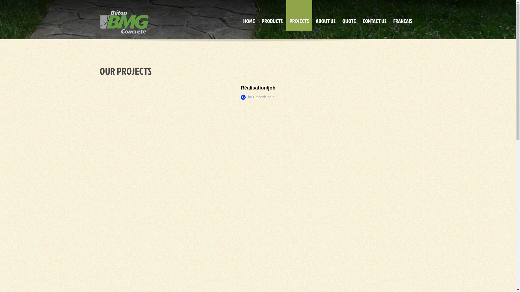 Image resolution: width=520 pixels, height=292 pixels. What do you see at coordinates (349, 15) in the screenshot?
I see `'QUOTE'` at bounding box center [349, 15].